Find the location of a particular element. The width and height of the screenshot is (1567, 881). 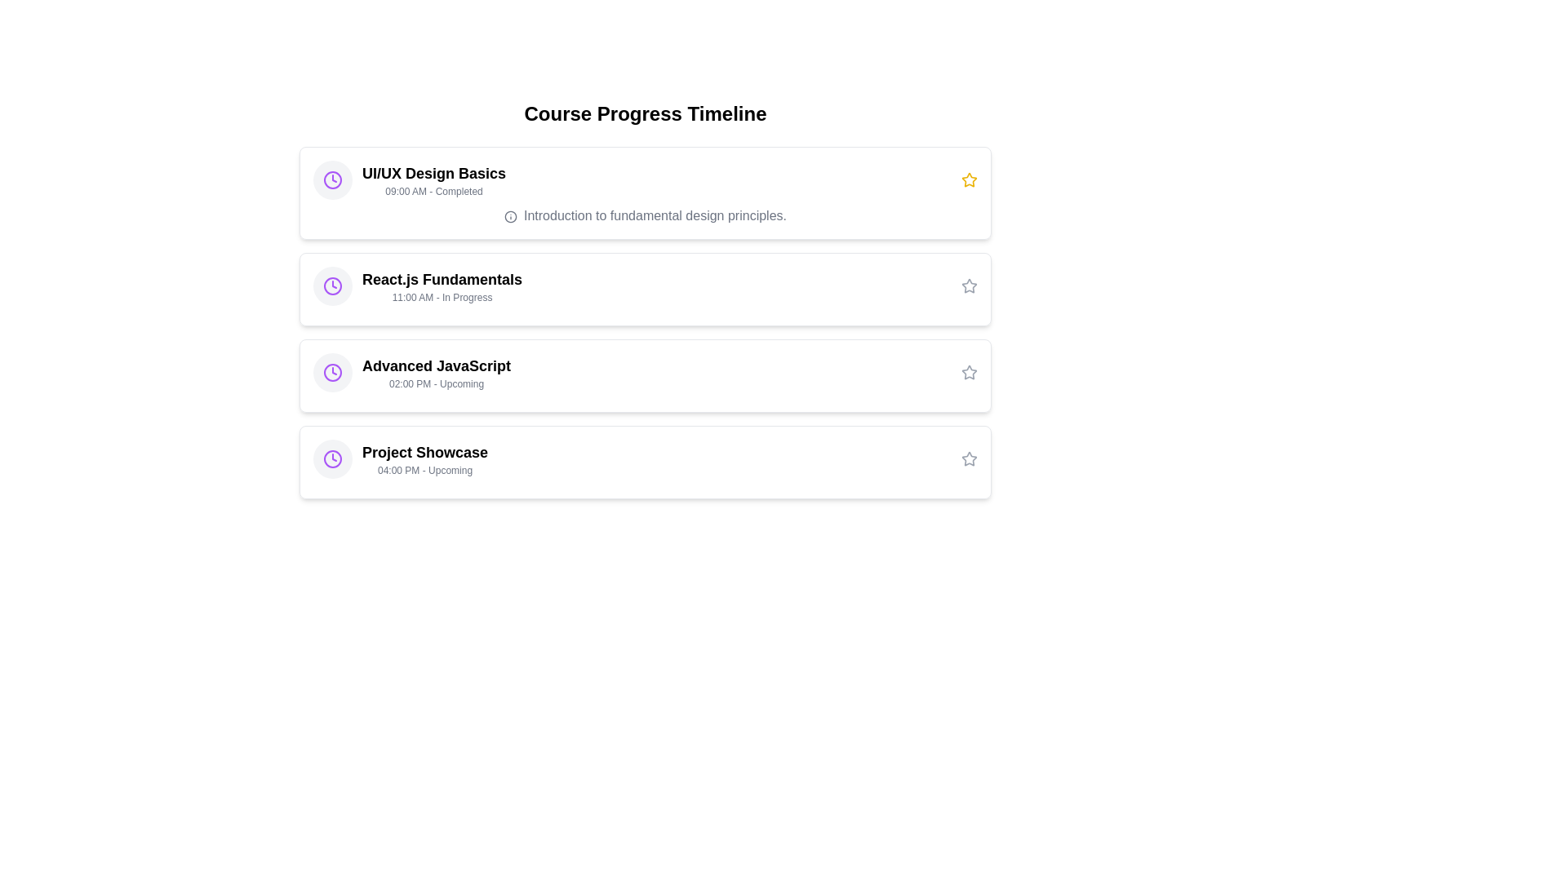

the circular clock icon with a purple outline located to the left of the text 'React.js Fundamentals' in the row labeled 'React.js Fundamentals 11:00 AM - In Progress' is located at coordinates (332, 286).